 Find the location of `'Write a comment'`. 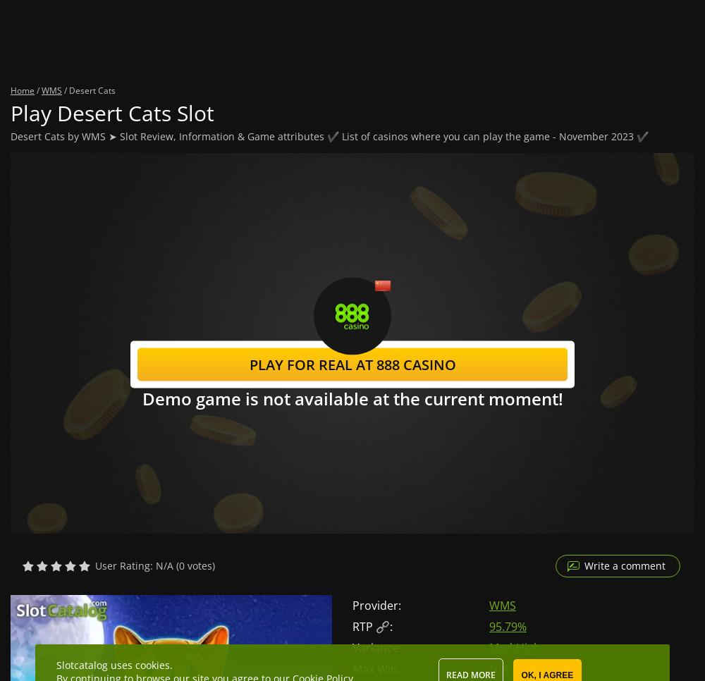

'Write a comment' is located at coordinates (625, 565).